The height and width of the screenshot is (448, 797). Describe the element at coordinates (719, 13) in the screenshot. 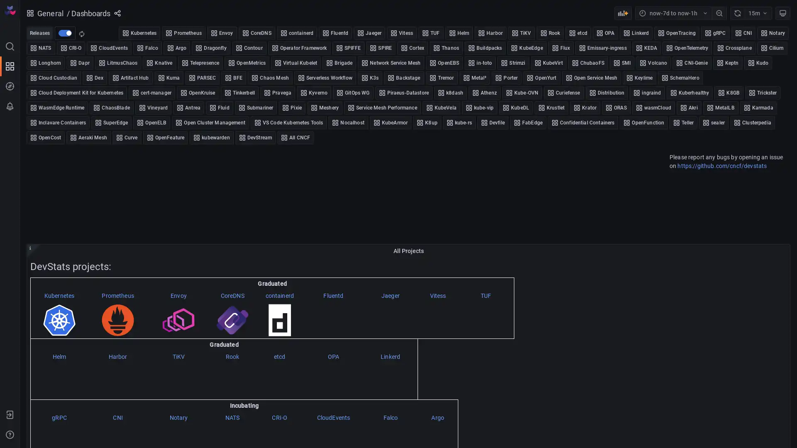

I see `Zoom out time range` at that location.